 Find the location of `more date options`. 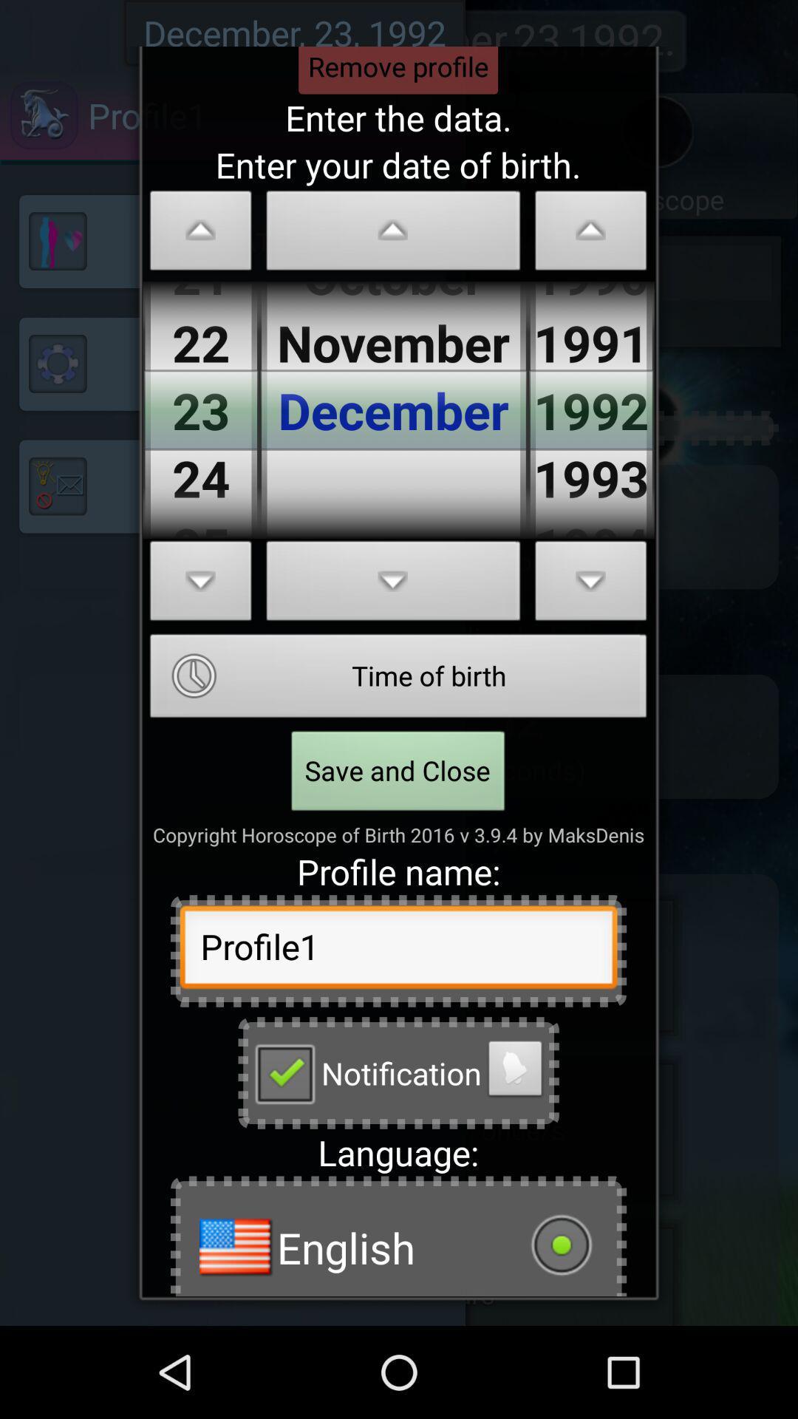

more date options is located at coordinates (590, 585).